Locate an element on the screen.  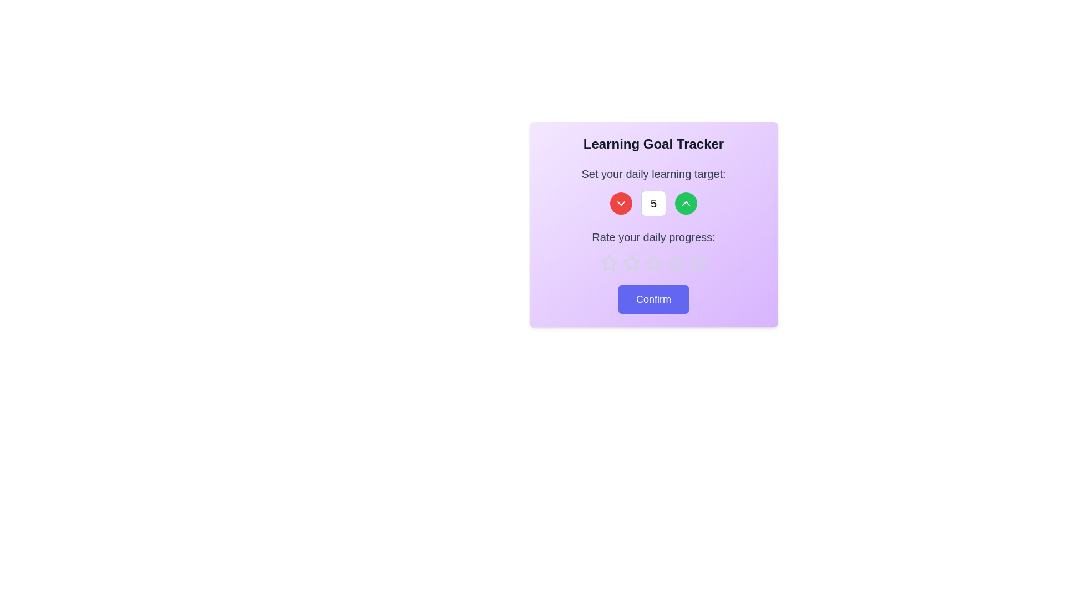
the circular red button located to the left of the white rectangular input field to decrement the value is located at coordinates (620, 203).